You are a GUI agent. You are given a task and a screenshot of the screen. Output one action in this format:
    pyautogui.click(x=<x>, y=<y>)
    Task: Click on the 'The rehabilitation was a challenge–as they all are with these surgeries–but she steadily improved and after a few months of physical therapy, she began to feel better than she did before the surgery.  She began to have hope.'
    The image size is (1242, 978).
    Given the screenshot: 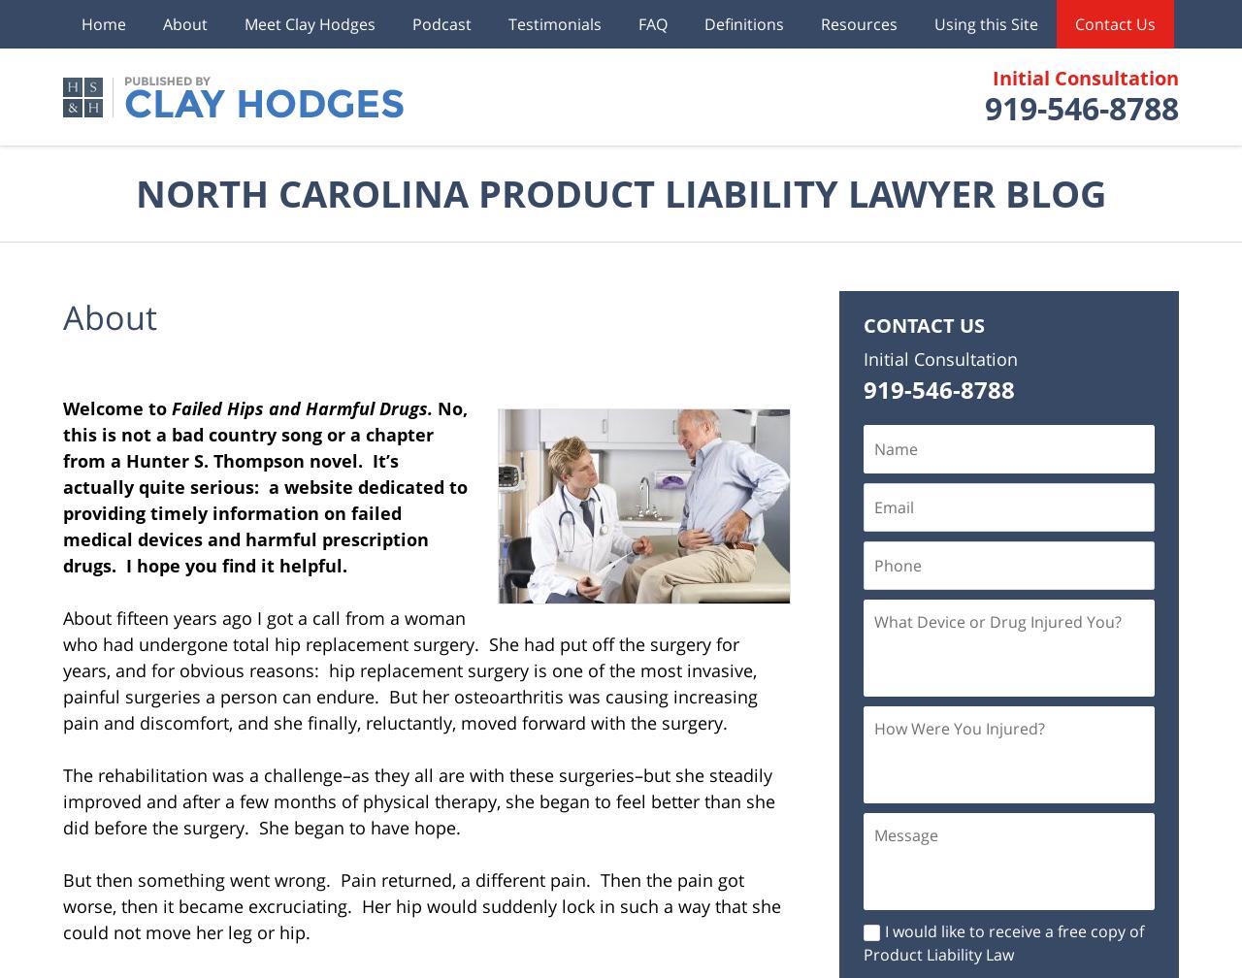 What is the action you would take?
    pyautogui.click(x=418, y=800)
    